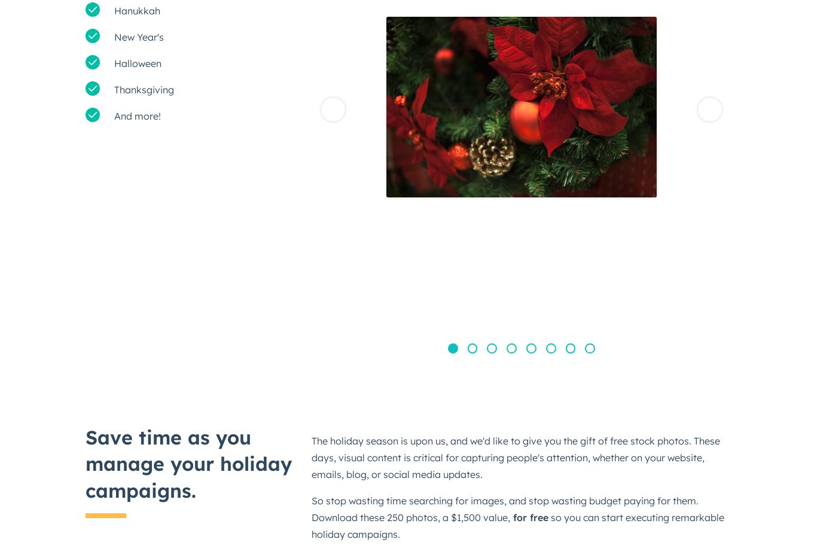  I want to click on 'Hanukkah', so click(137, 10).